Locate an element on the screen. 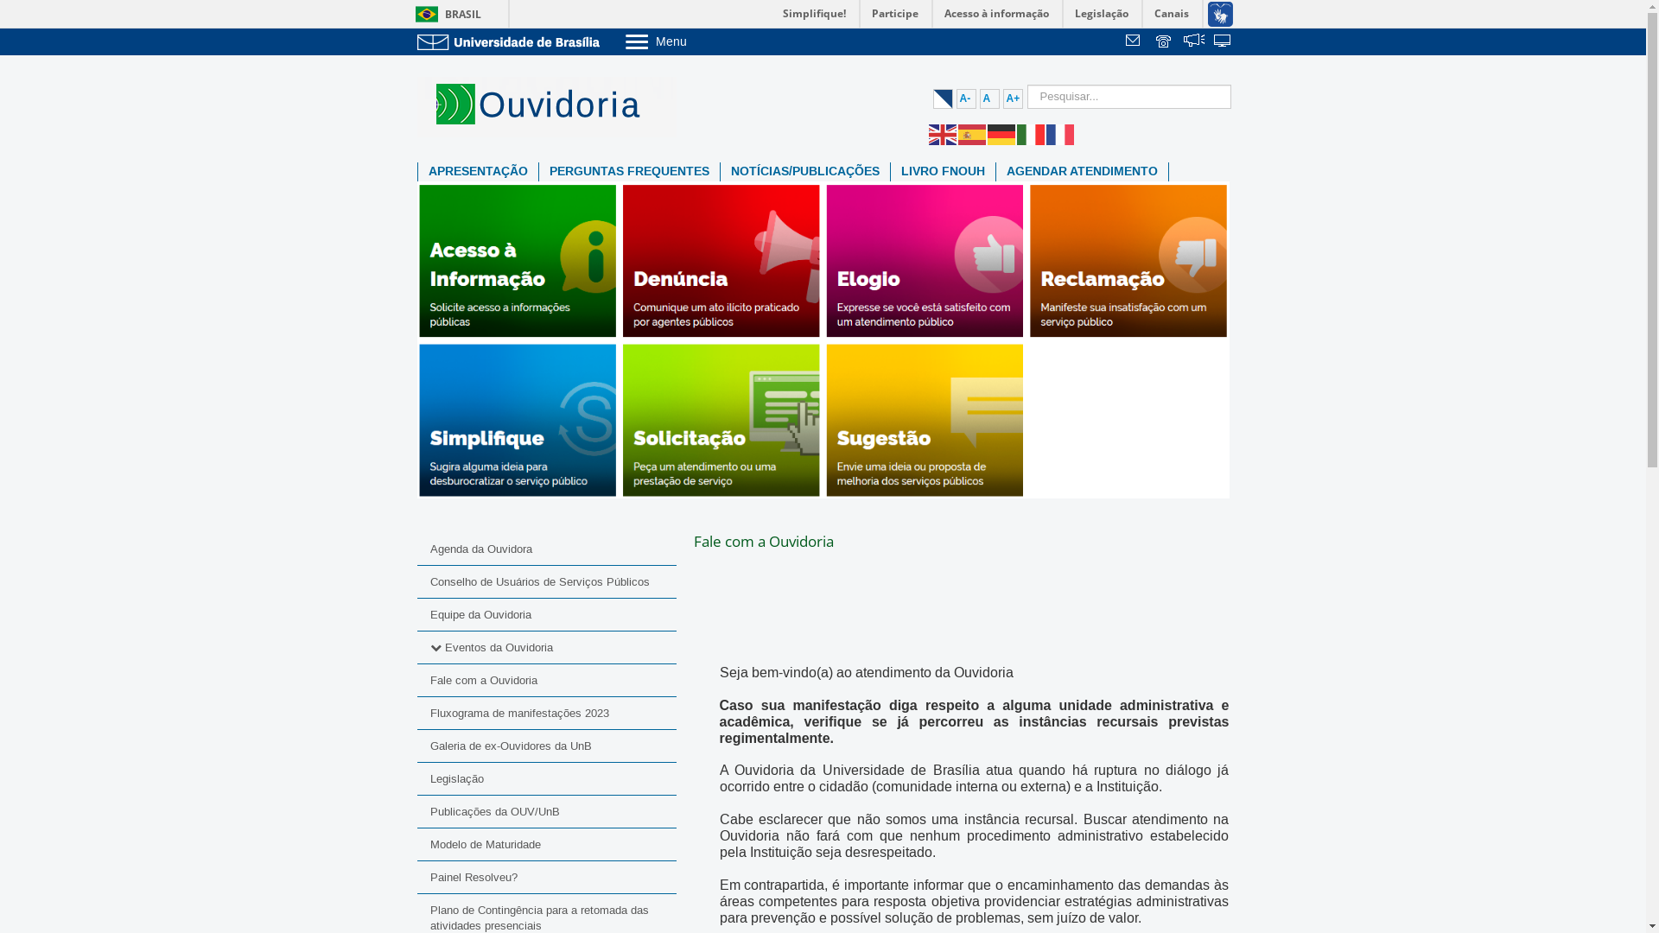 The image size is (1659, 933). 'Telefones da UnB' is located at coordinates (1165, 41).